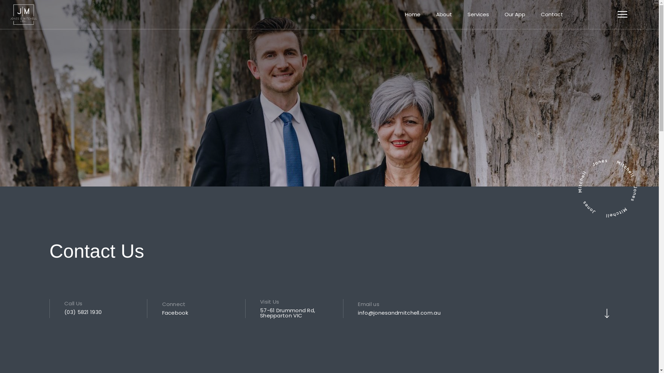 Image resolution: width=664 pixels, height=373 pixels. I want to click on 'Contact', so click(552, 15).